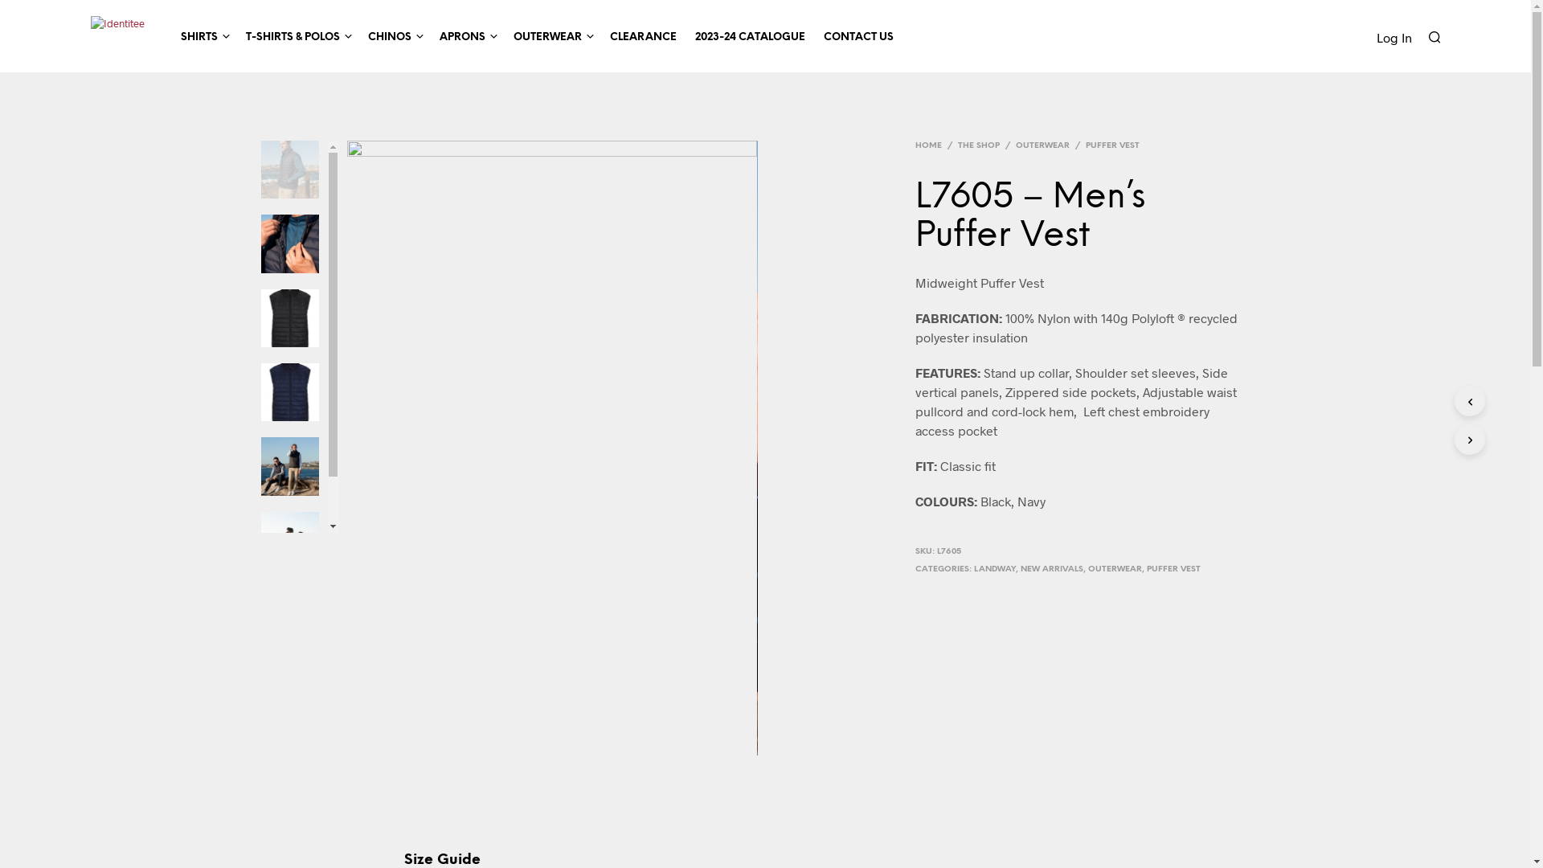 This screenshot has width=1543, height=868. Describe the element at coordinates (748, 36) in the screenshot. I see `'2023-24 CATALOGUE'` at that location.